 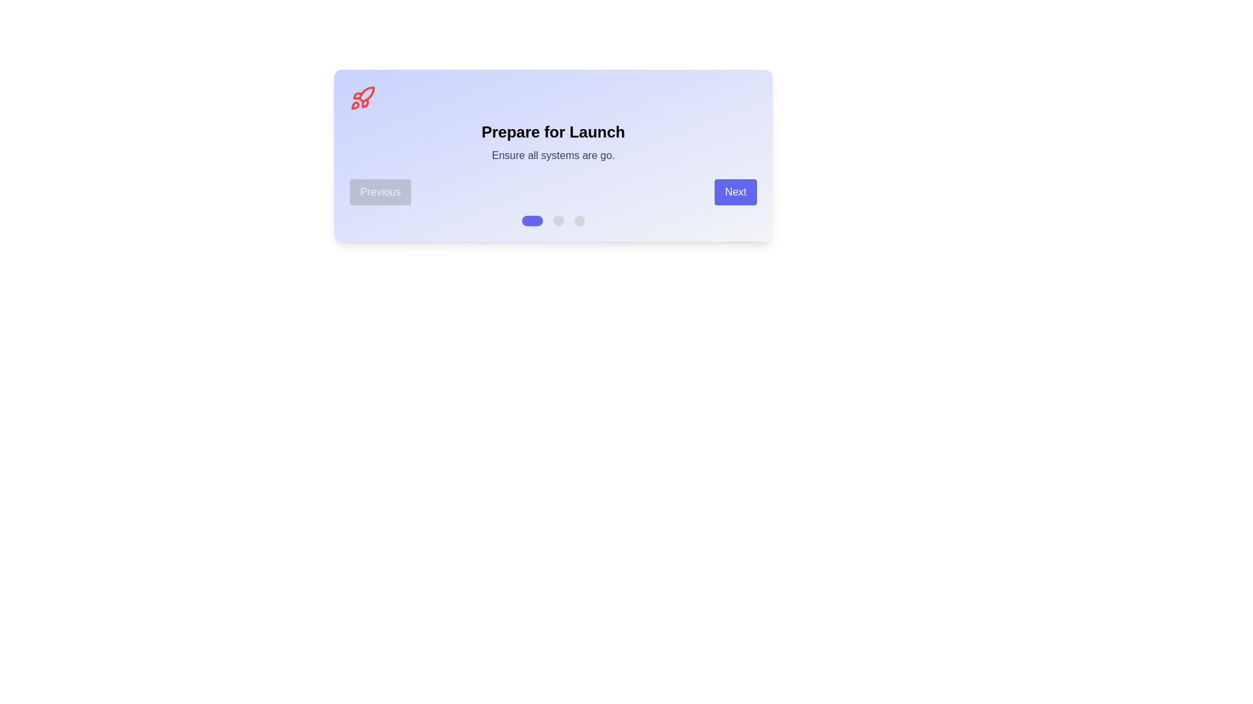 I want to click on the 'Next' button to navigate to the next step, so click(x=735, y=192).